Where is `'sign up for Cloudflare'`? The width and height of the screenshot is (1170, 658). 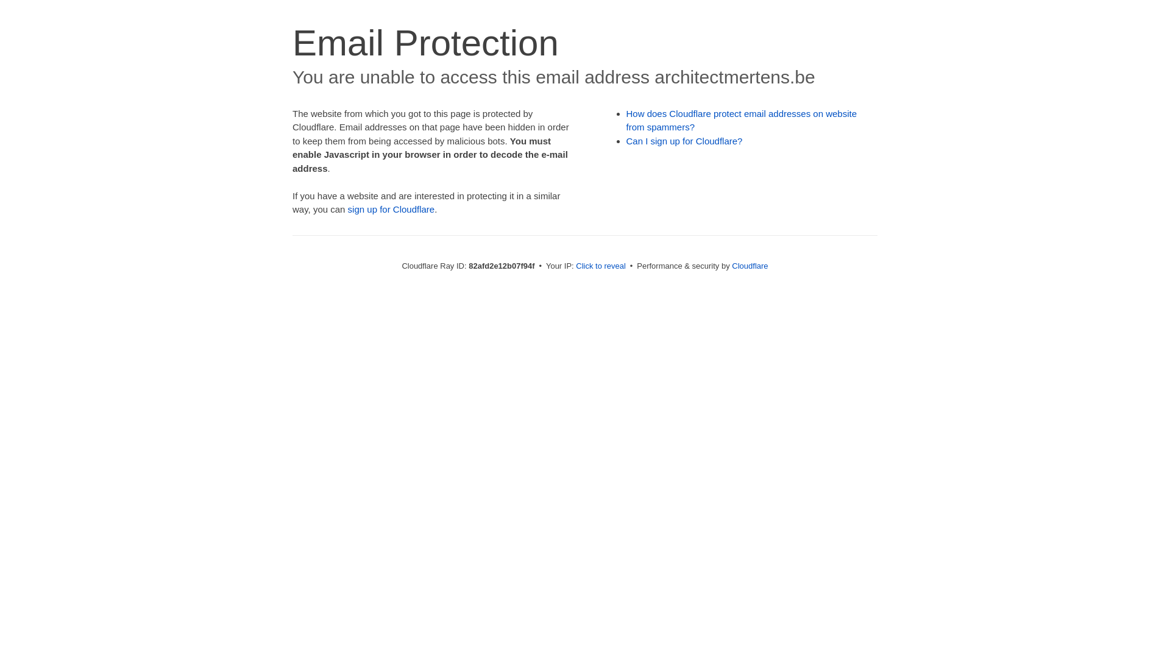 'sign up for Cloudflare' is located at coordinates (391, 208).